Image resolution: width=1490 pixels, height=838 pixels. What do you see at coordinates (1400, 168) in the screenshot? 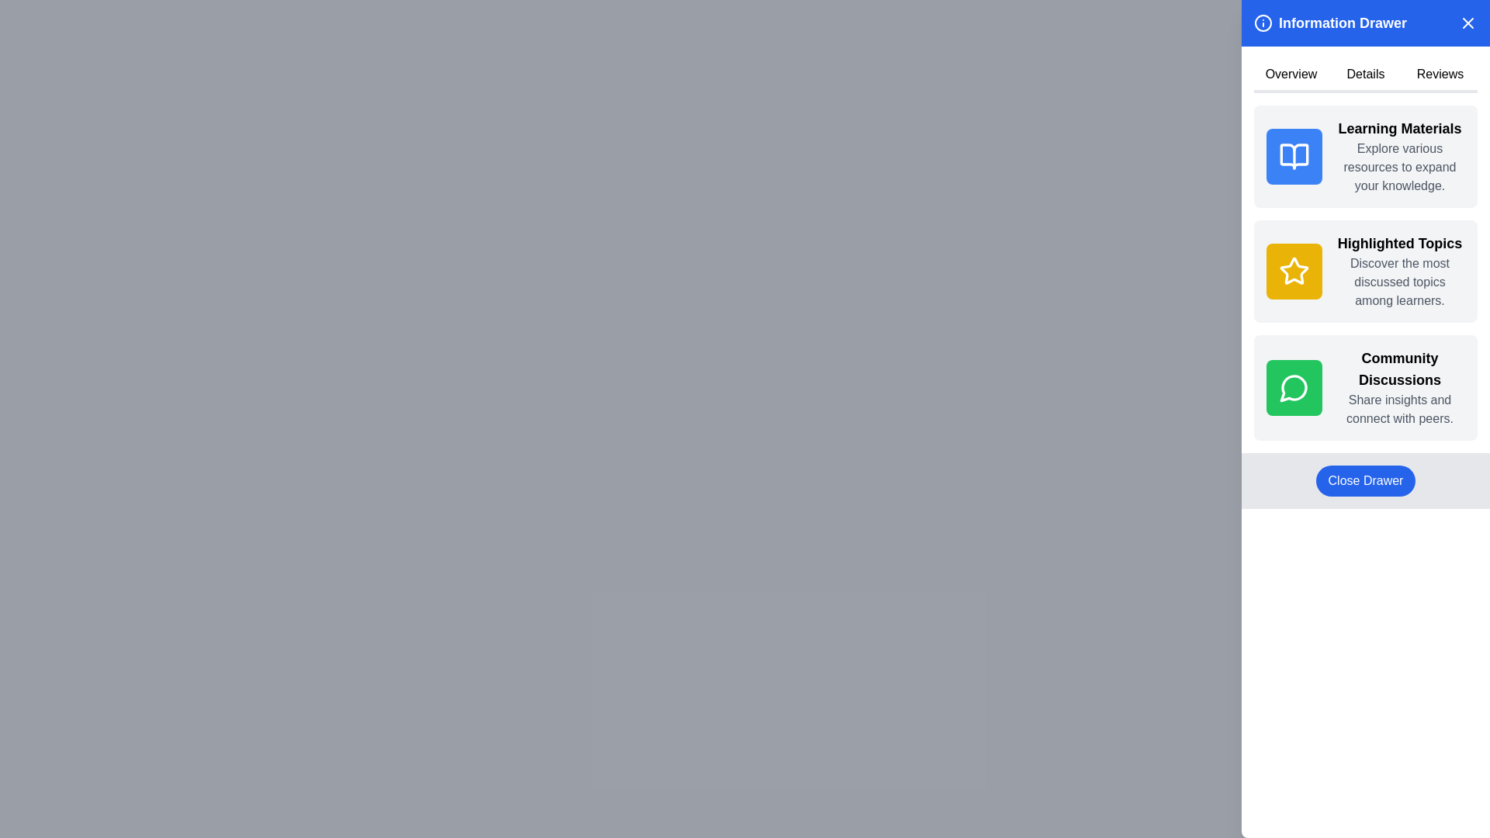
I see `the textual element displaying the phrase 'Explore various resources to expand your knowledge.' styled in gray text, located under the 'Learning Materials' section` at bounding box center [1400, 168].